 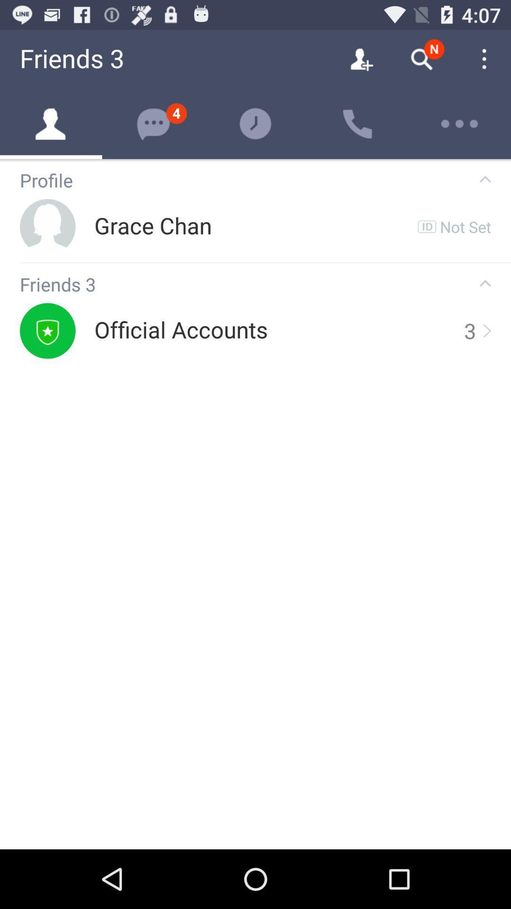 What do you see at coordinates (465, 226) in the screenshot?
I see `not set item` at bounding box center [465, 226].